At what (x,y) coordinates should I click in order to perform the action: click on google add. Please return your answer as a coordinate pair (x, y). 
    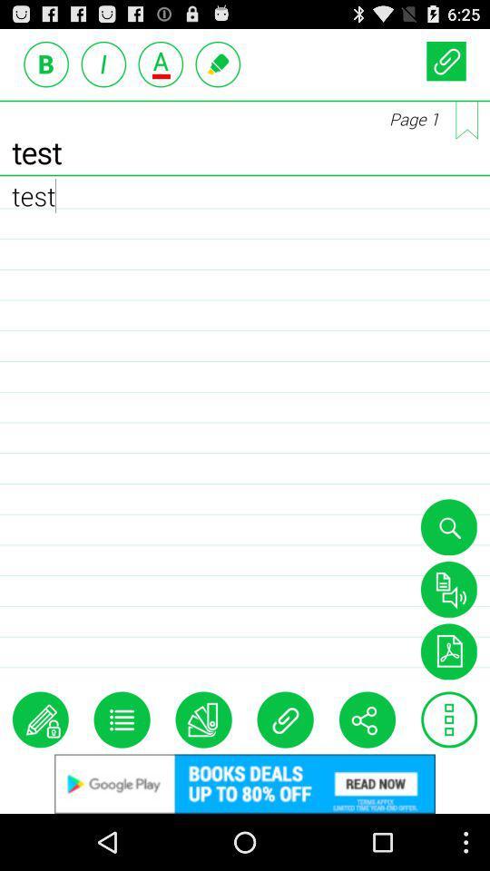
    Looking at the image, I should click on (245, 783).